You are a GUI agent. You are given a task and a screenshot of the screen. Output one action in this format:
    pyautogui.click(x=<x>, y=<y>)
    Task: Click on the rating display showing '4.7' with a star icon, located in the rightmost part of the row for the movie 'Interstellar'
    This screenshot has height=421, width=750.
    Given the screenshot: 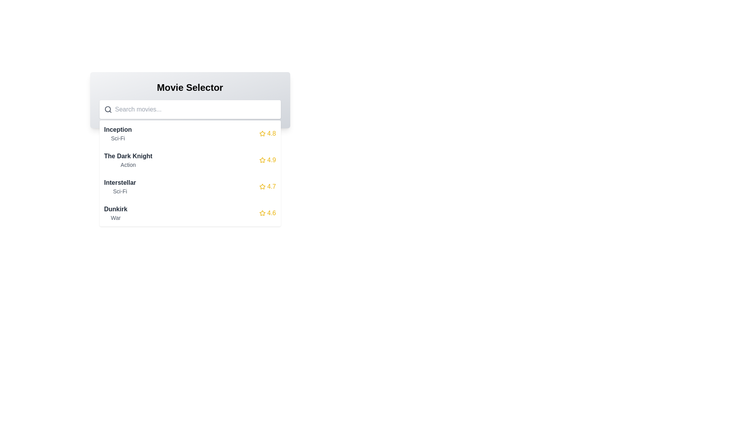 What is the action you would take?
    pyautogui.click(x=268, y=186)
    